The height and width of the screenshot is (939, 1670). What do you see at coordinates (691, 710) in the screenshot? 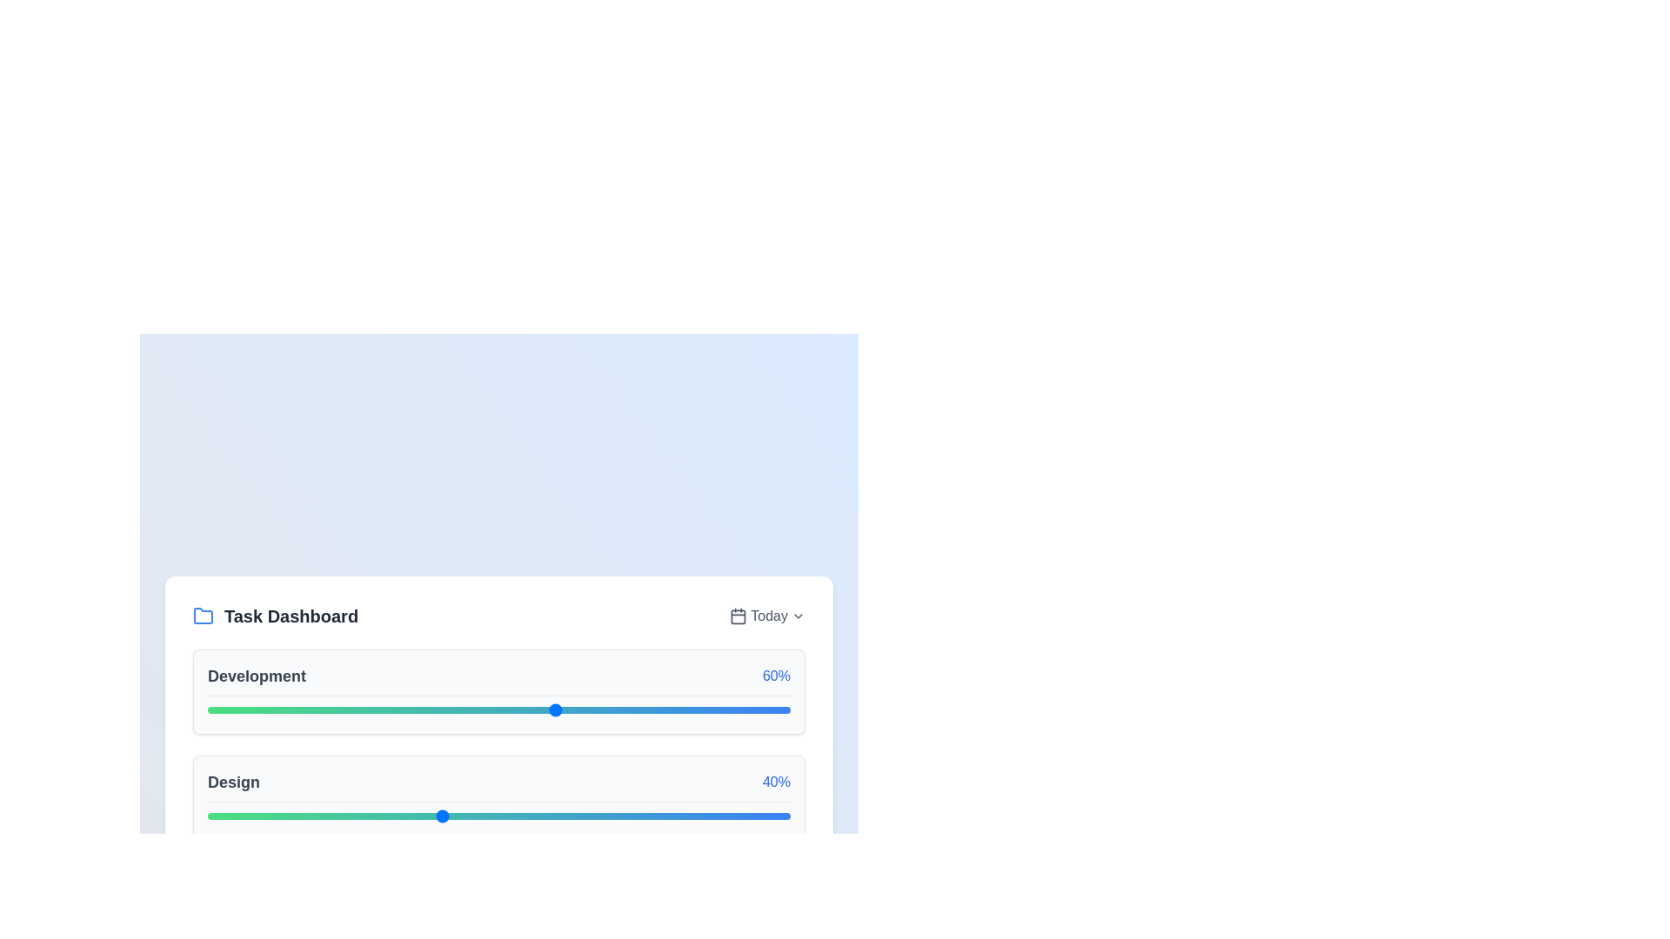
I see `the slider` at bounding box center [691, 710].